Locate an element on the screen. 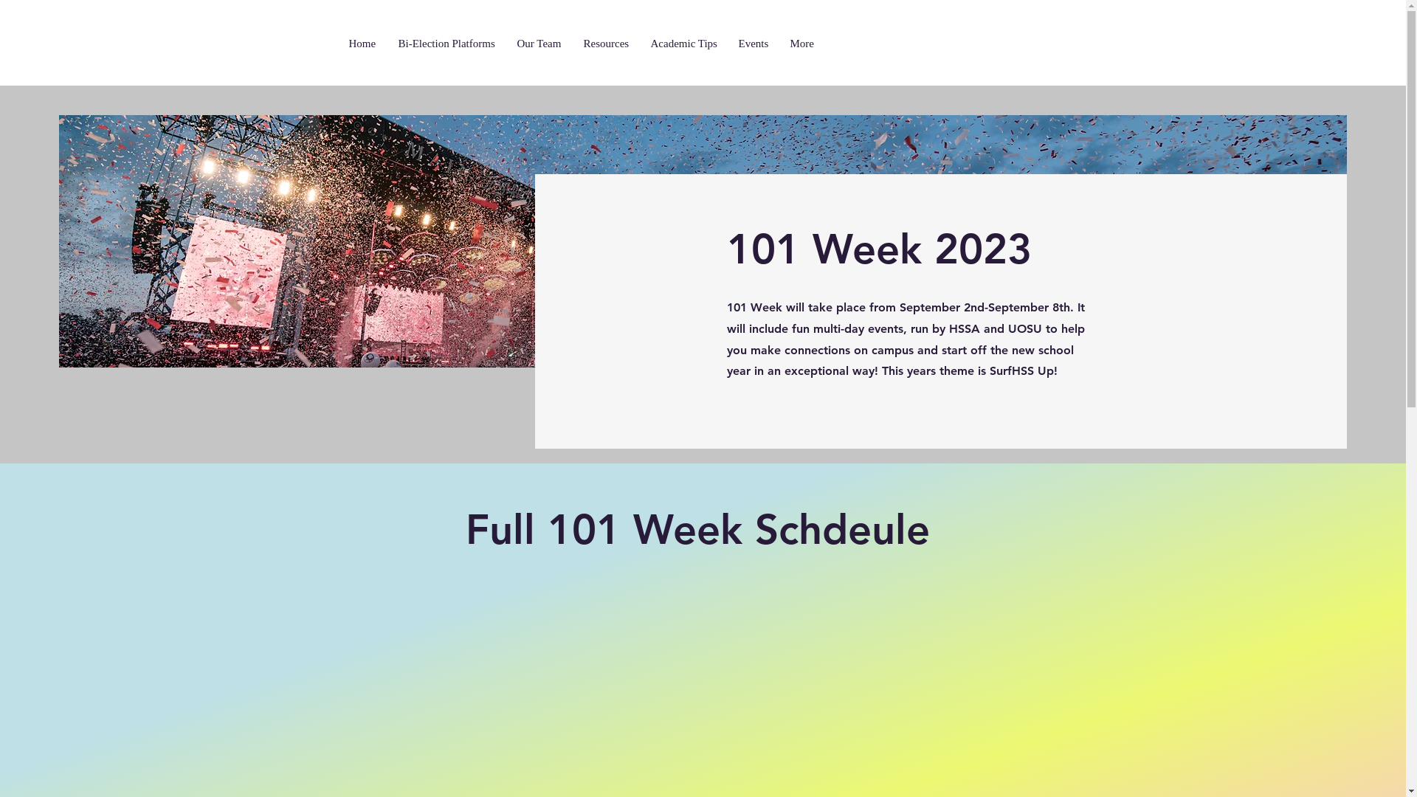 The height and width of the screenshot is (797, 1417). 'Resources' is located at coordinates (609, 43).